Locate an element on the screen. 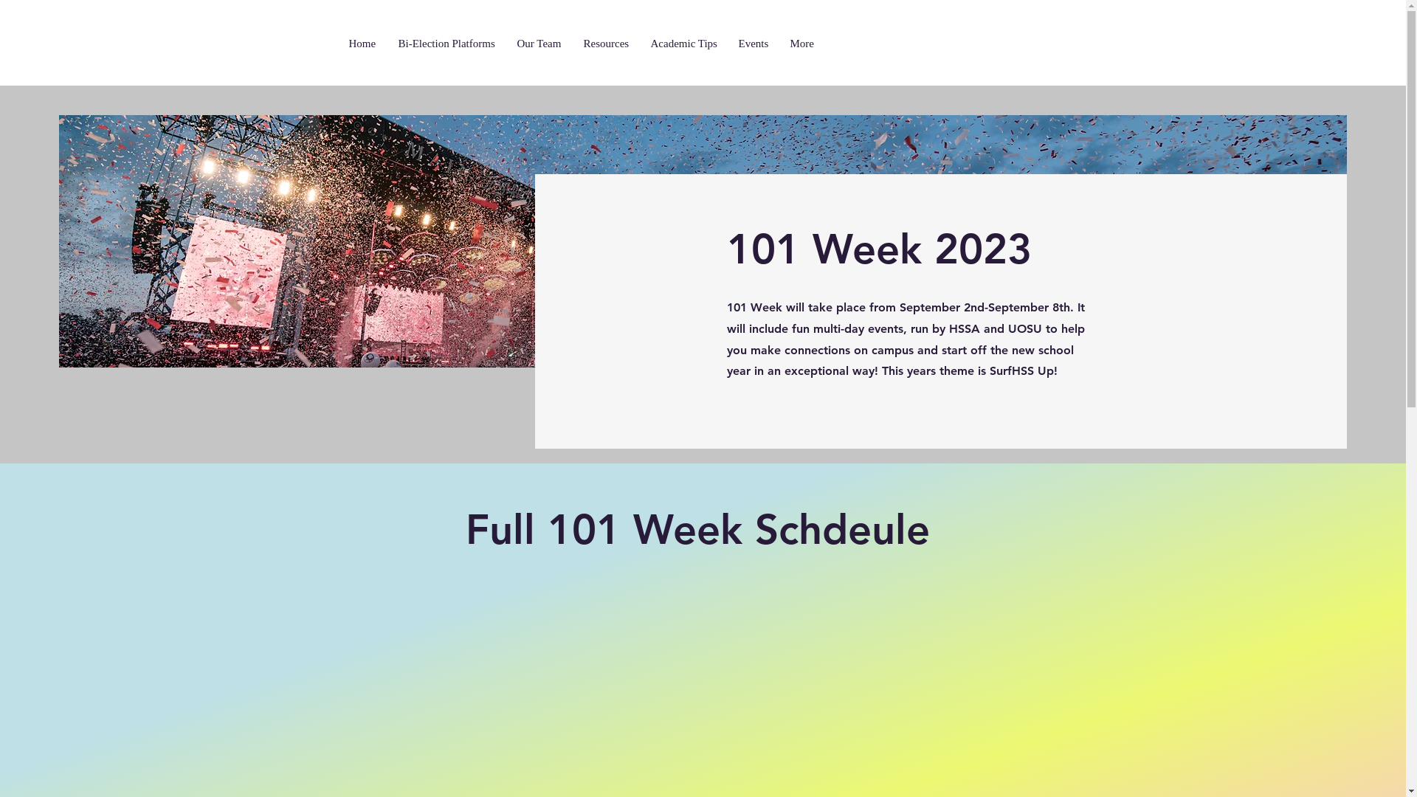 The height and width of the screenshot is (797, 1417). 'Resources' is located at coordinates (609, 43).